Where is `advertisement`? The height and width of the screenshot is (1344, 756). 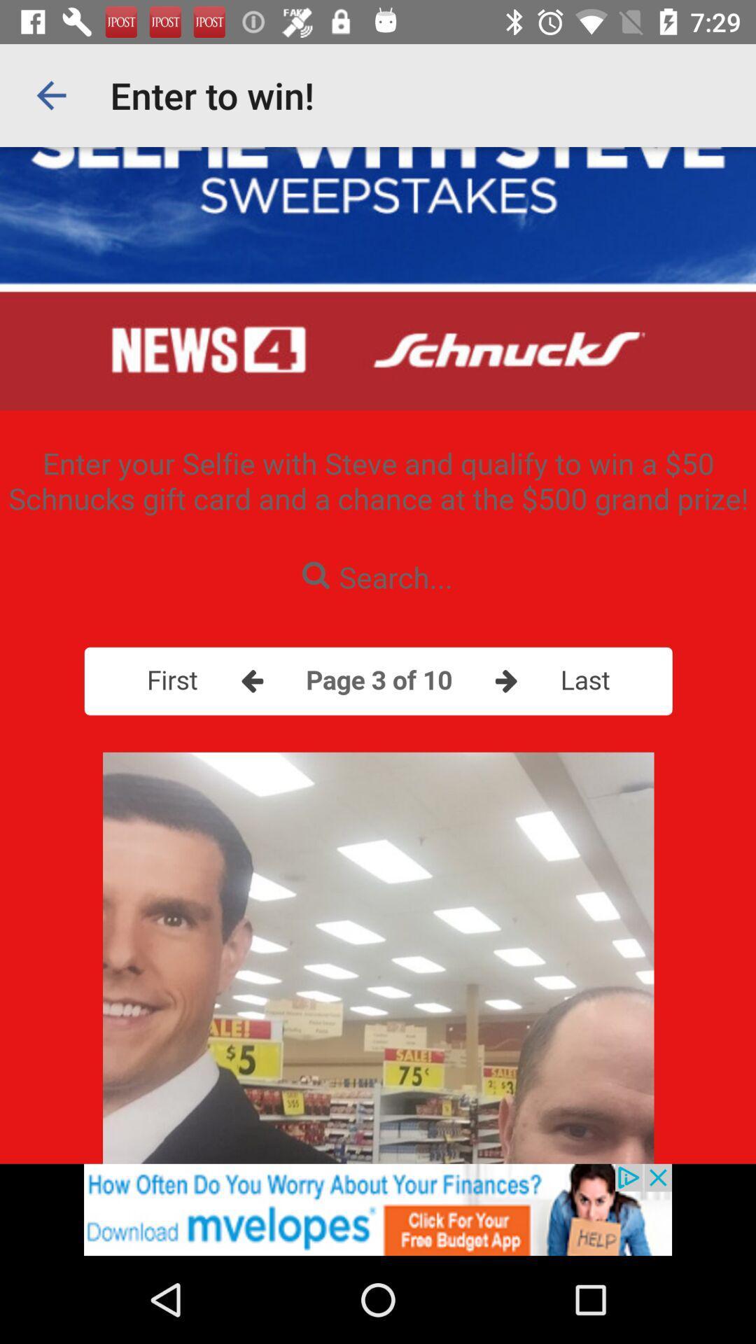 advertisement is located at coordinates (378, 1209).